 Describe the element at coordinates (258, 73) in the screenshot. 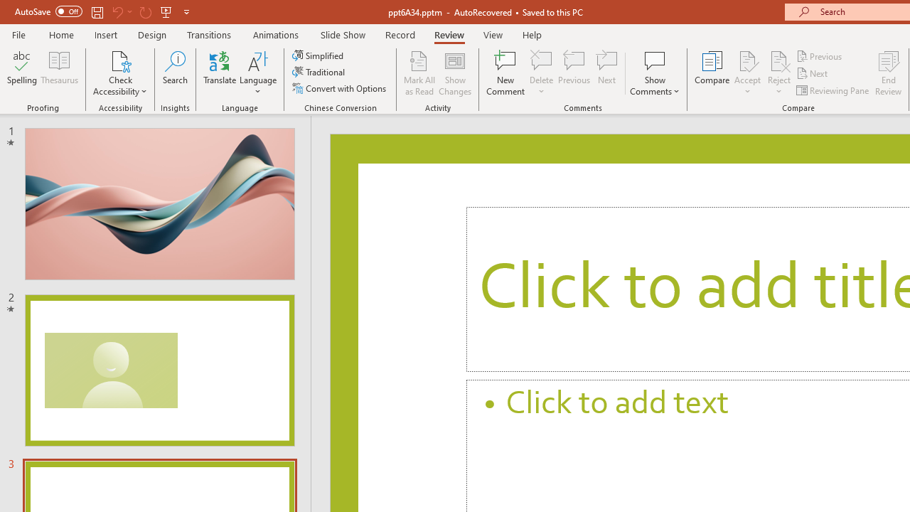

I see `'Language'` at that location.